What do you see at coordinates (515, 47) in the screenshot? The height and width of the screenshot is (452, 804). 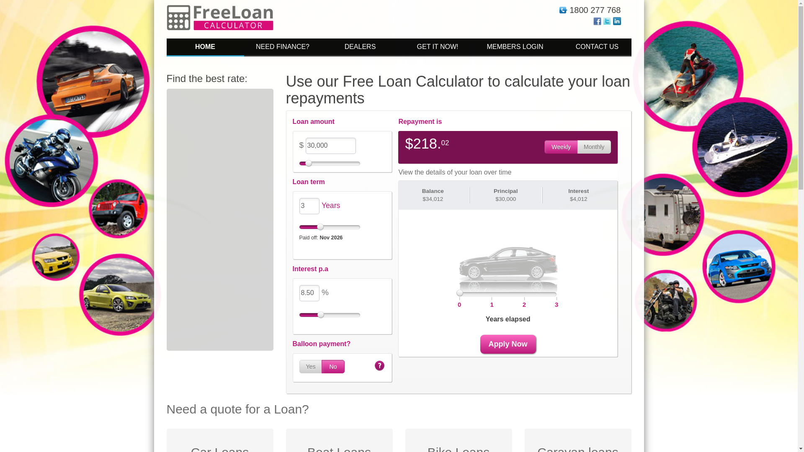 I see `'MEMBERS LOGIN'` at bounding box center [515, 47].